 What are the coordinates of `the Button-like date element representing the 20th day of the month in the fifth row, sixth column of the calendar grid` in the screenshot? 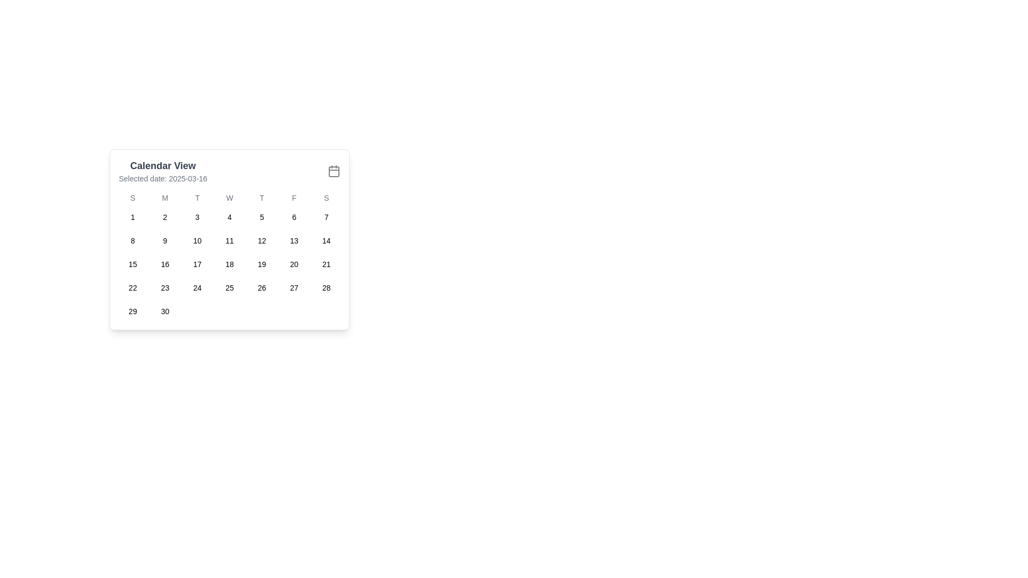 It's located at (294, 264).